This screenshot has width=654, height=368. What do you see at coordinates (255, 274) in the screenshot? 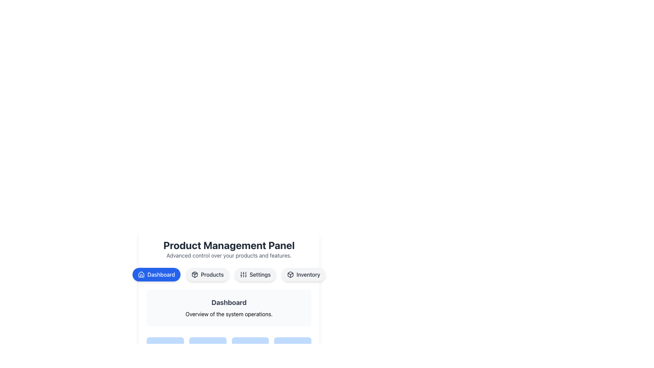
I see `the 'Settings' button, which is a rounded rectangular button with a light gray background and darker gray text, located in the navigation bar under the 'Product Management Panel'` at bounding box center [255, 274].